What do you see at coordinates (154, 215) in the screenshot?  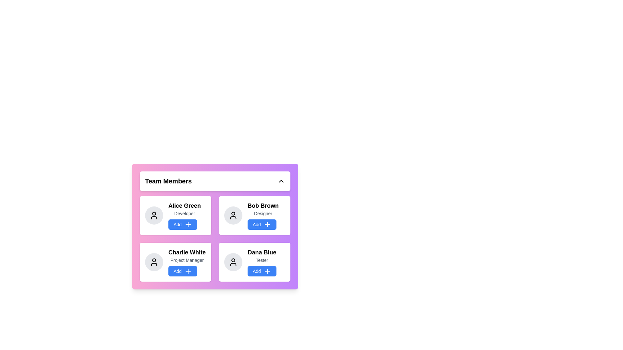 I see `the user avatar icon, which is a circular icon with a black stroke representing a head and shoulders, located above 'Alice Green' in the team members section` at bounding box center [154, 215].